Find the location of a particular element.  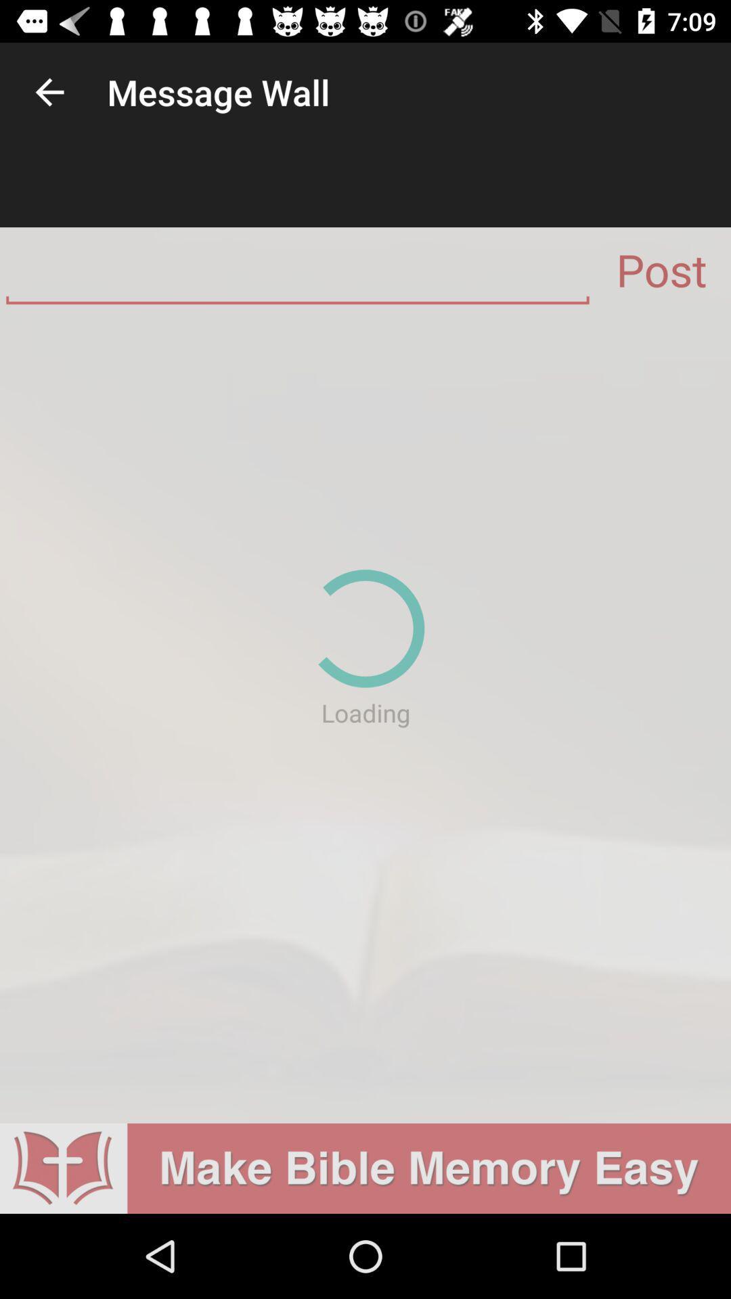

search the post is located at coordinates (296, 275).